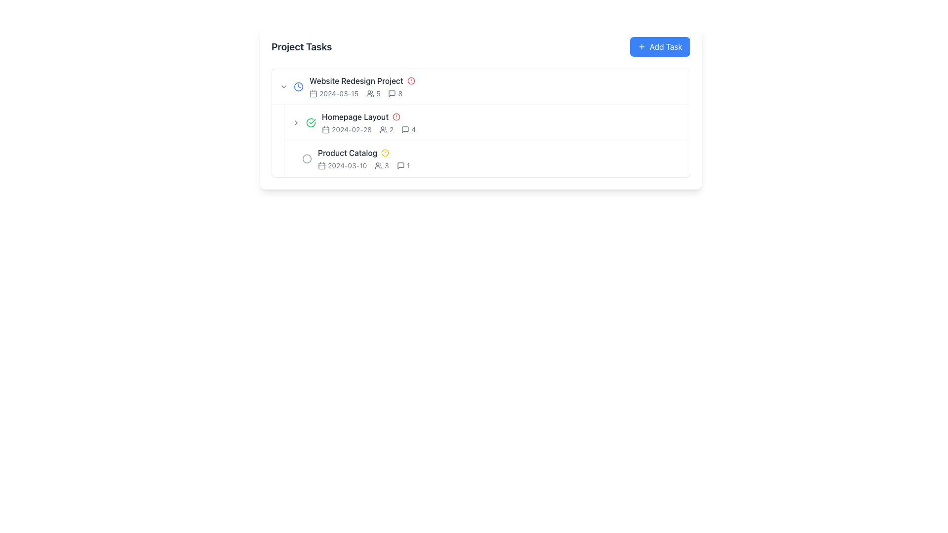  I want to click on numeral displayed in the Text and Icon element that shows the count of users associated with the 'Product Catalog' task, located in the third row of the 'Project Tasks' list, so click(381, 165).